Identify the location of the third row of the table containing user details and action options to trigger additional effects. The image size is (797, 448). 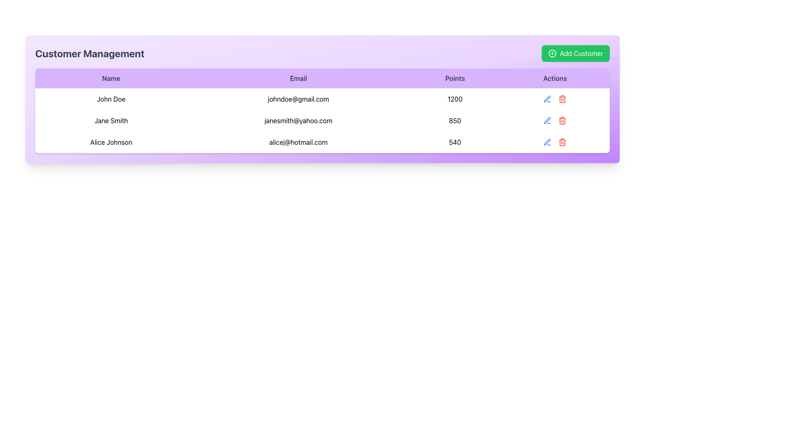
(322, 142).